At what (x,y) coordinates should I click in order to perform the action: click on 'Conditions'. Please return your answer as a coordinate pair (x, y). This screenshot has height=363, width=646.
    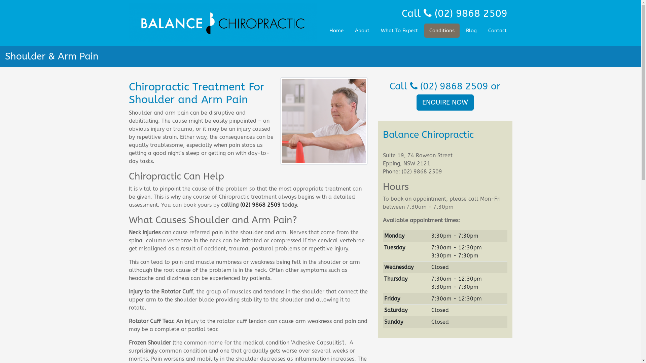
    Looking at the image, I should click on (441, 31).